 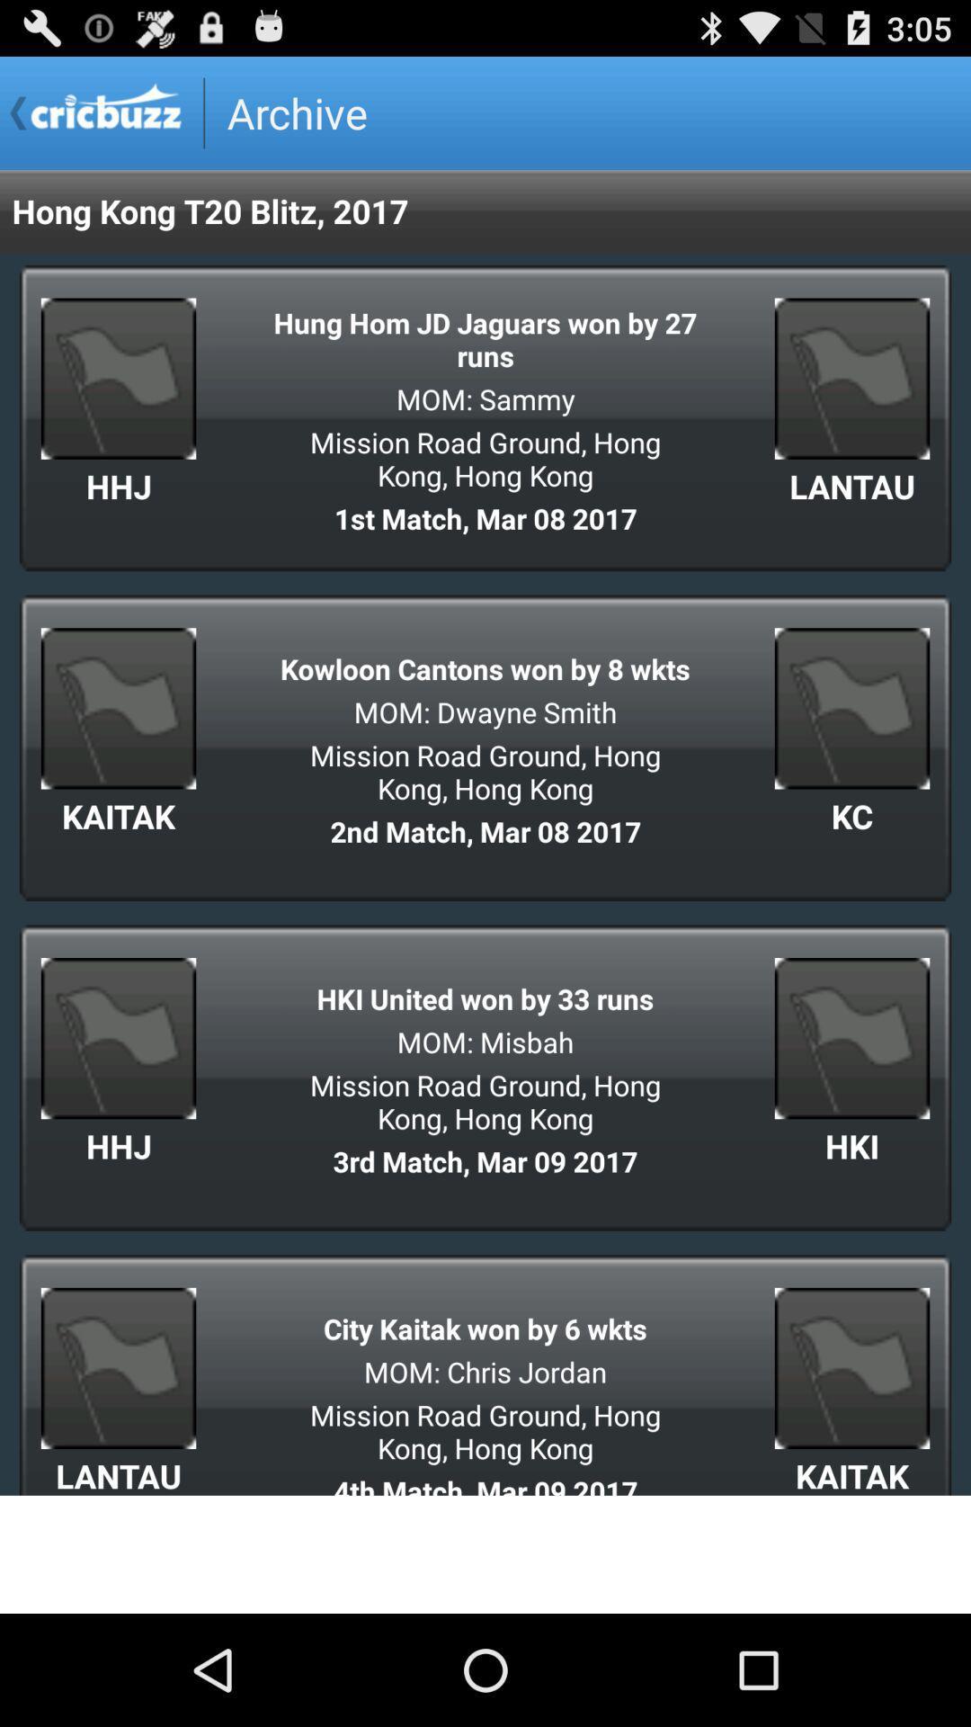 What do you see at coordinates (851, 815) in the screenshot?
I see `the app next to the mission road ground item` at bounding box center [851, 815].